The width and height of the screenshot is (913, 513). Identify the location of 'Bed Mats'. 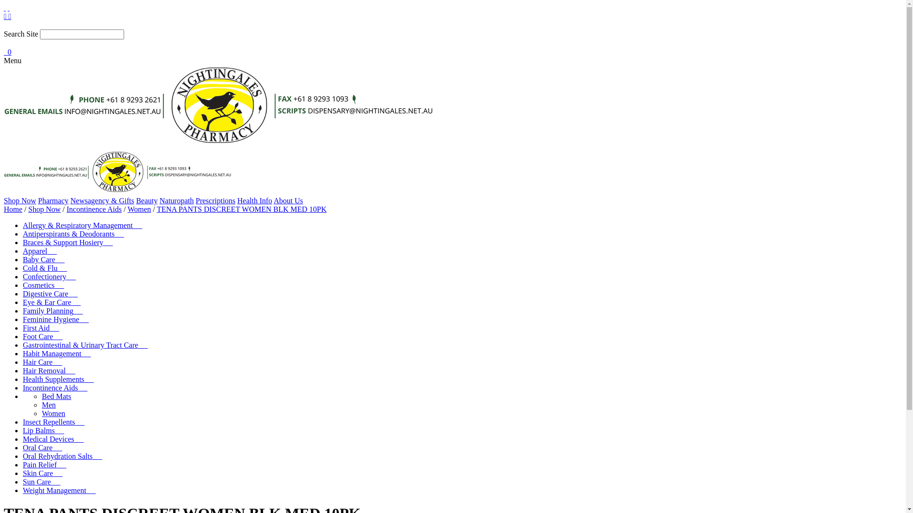
(56, 396).